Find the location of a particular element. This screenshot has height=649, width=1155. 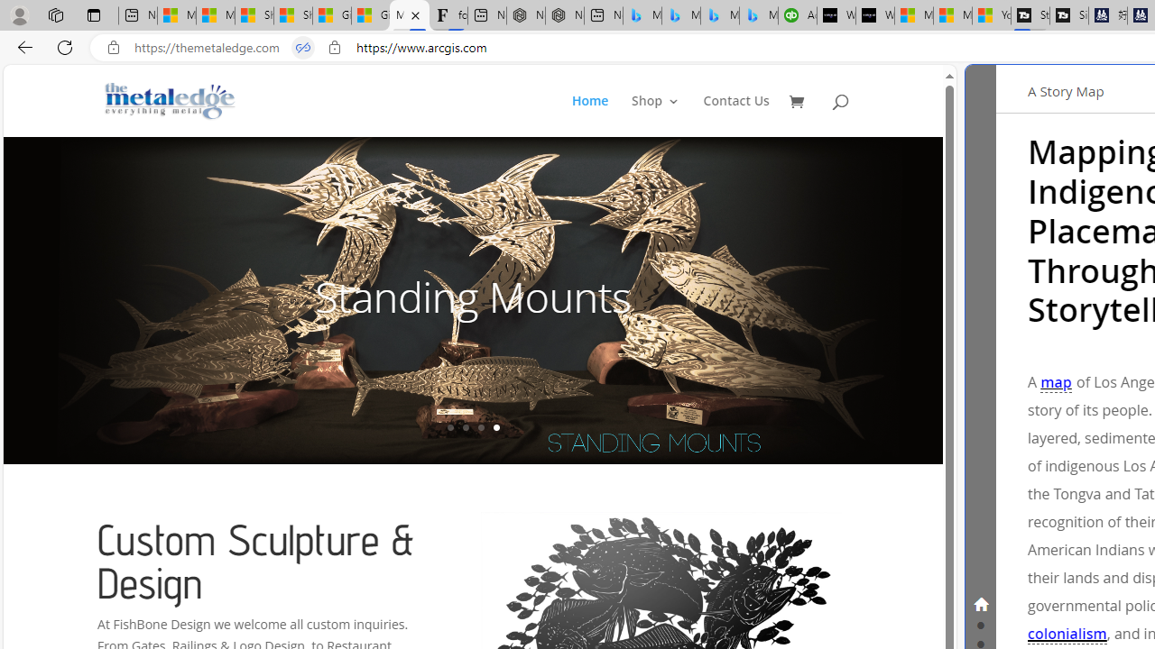

'Shop3' is located at coordinates (664, 115).